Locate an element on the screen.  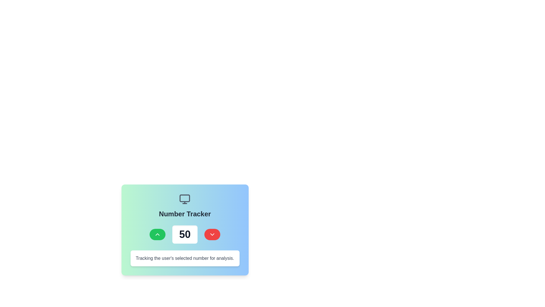
the Text display element that shows '50' in a bold and large font, which is located centrally between a green up arrow button and a red down arrow button is located at coordinates (185, 235).